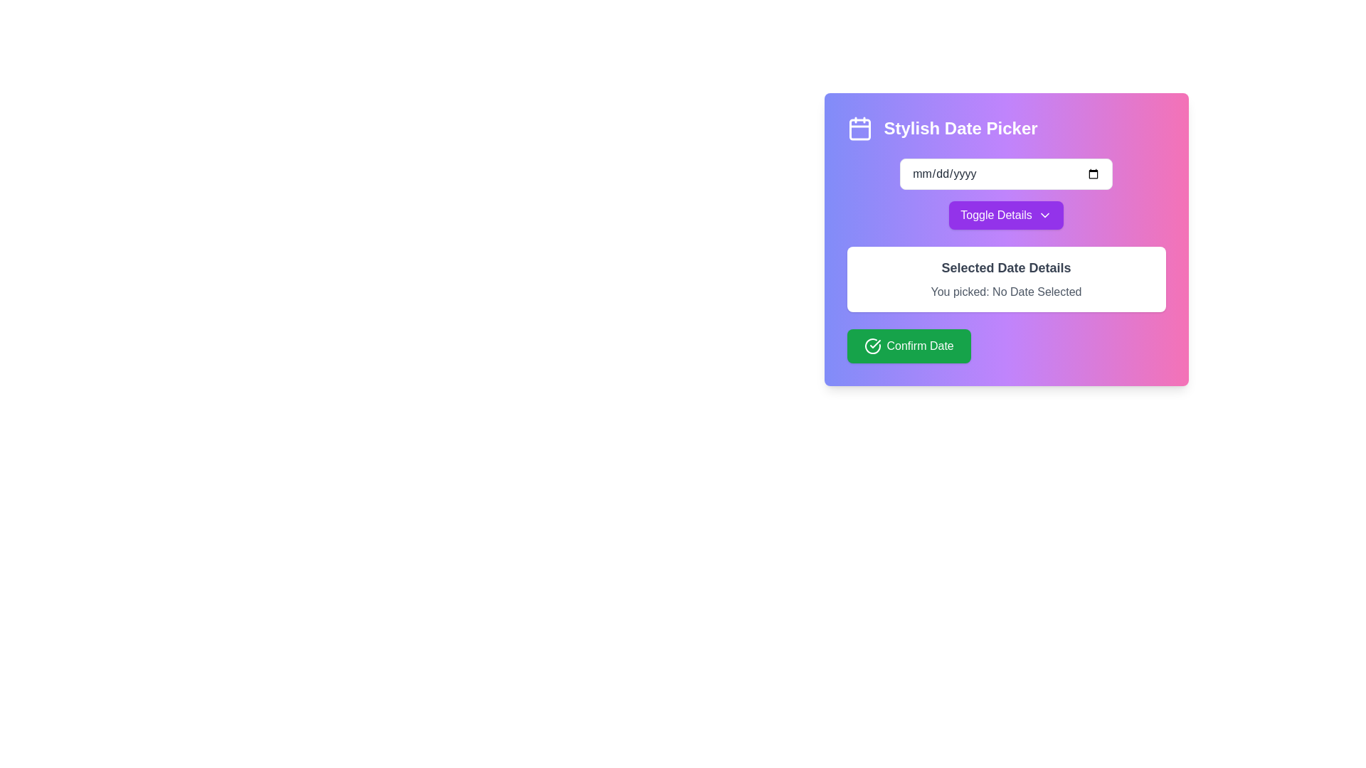  I want to click on the calendar icon with a purple background, located at the far left of the 'Stylish Date Picker' component, so click(859, 129).